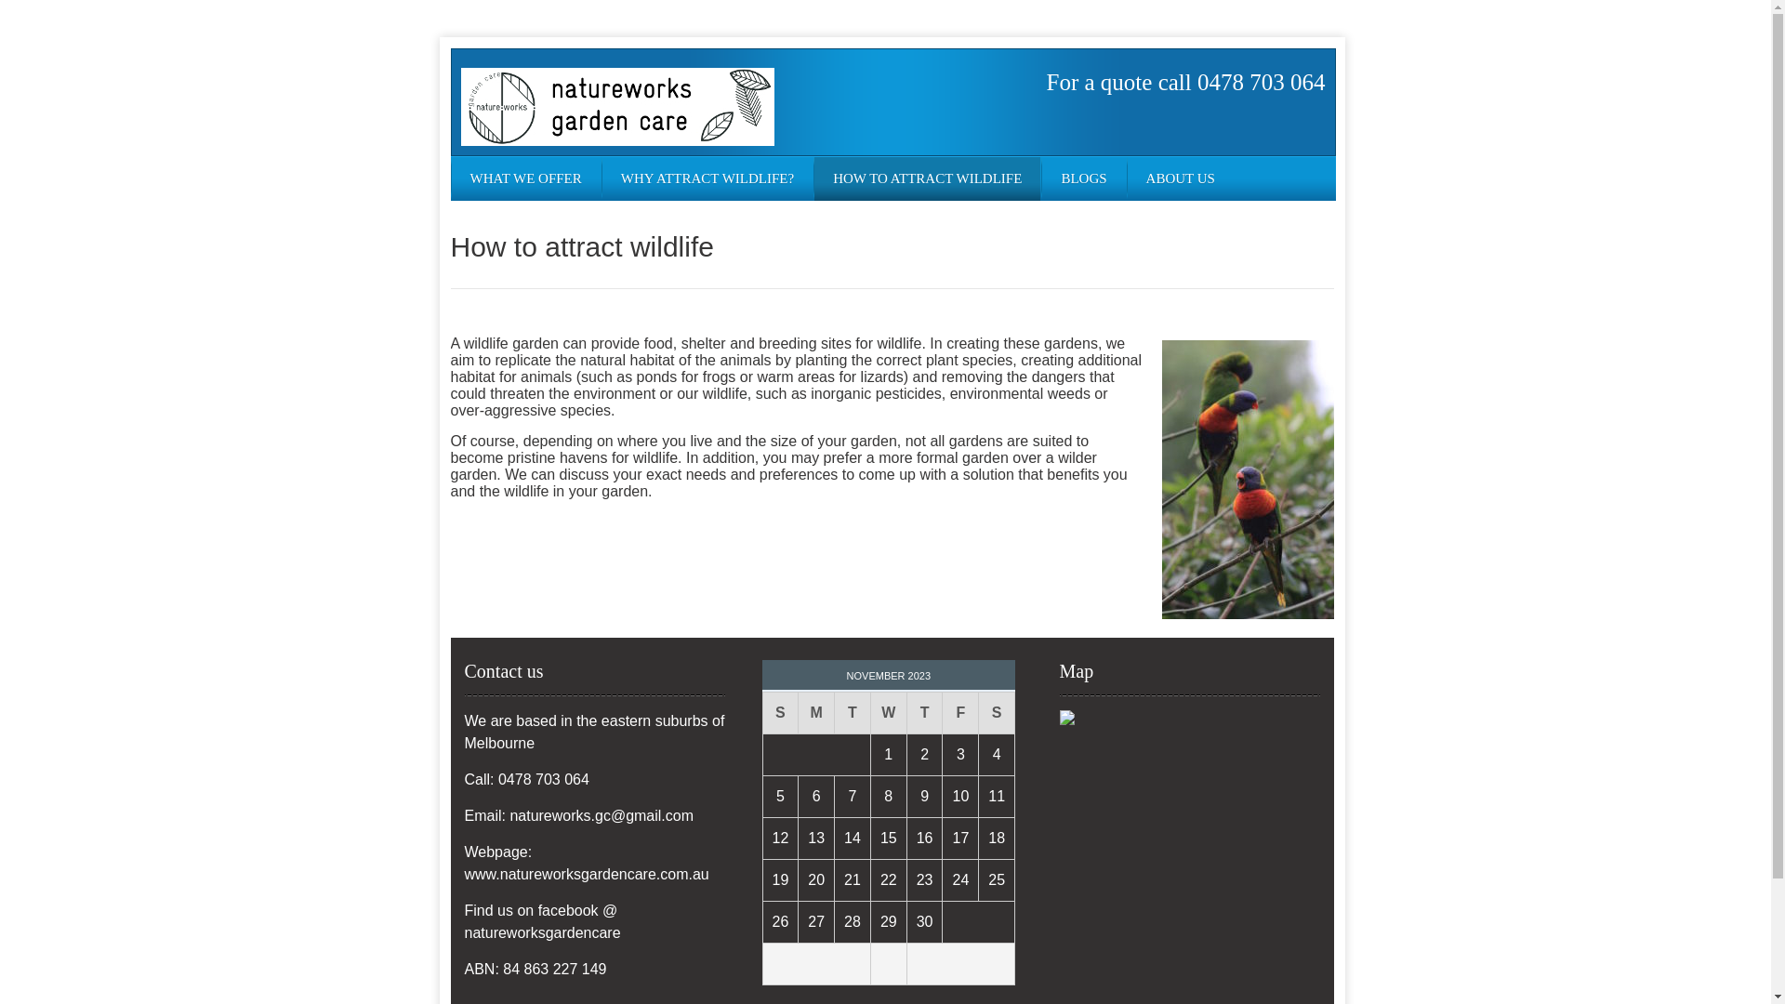 The width and height of the screenshot is (1785, 1004). Describe the element at coordinates (1180, 178) in the screenshot. I see `'ABOUT US'` at that location.